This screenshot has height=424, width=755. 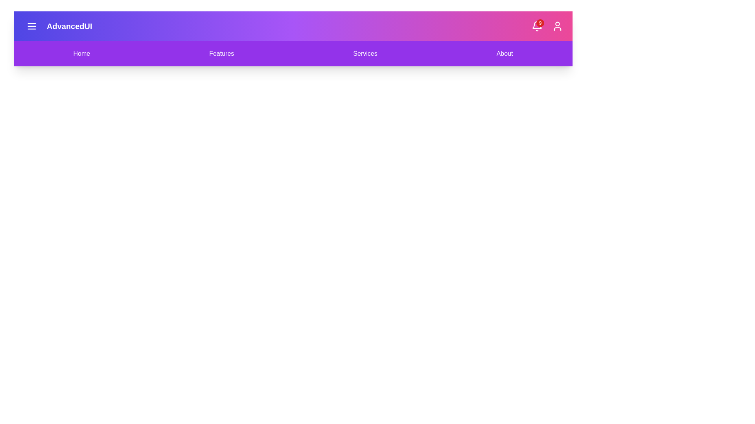 What do you see at coordinates (31, 26) in the screenshot?
I see `the menu button to toggle the menu visibility` at bounding box center [31, 26].